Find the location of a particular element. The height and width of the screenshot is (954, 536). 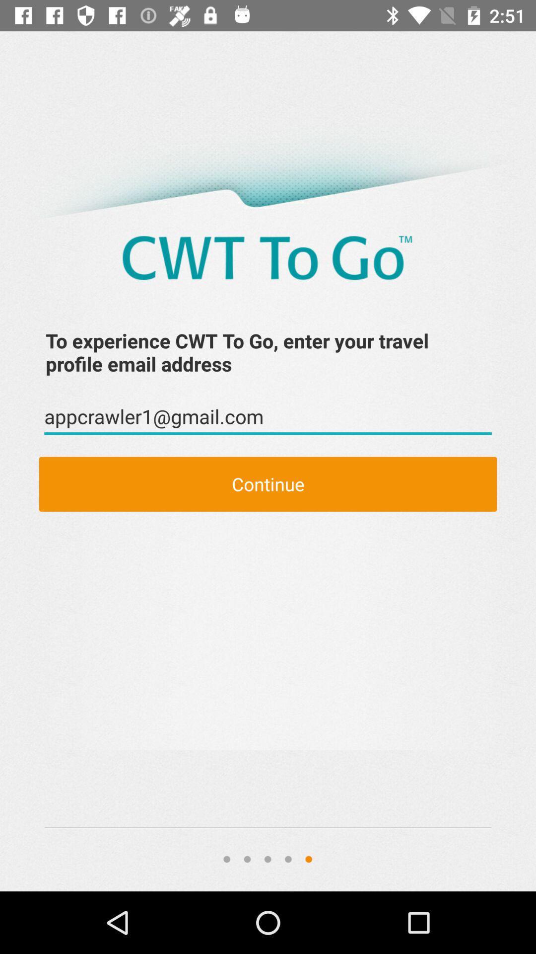

appcrawler1@gmail.com item is located at coordinates (268, 417).